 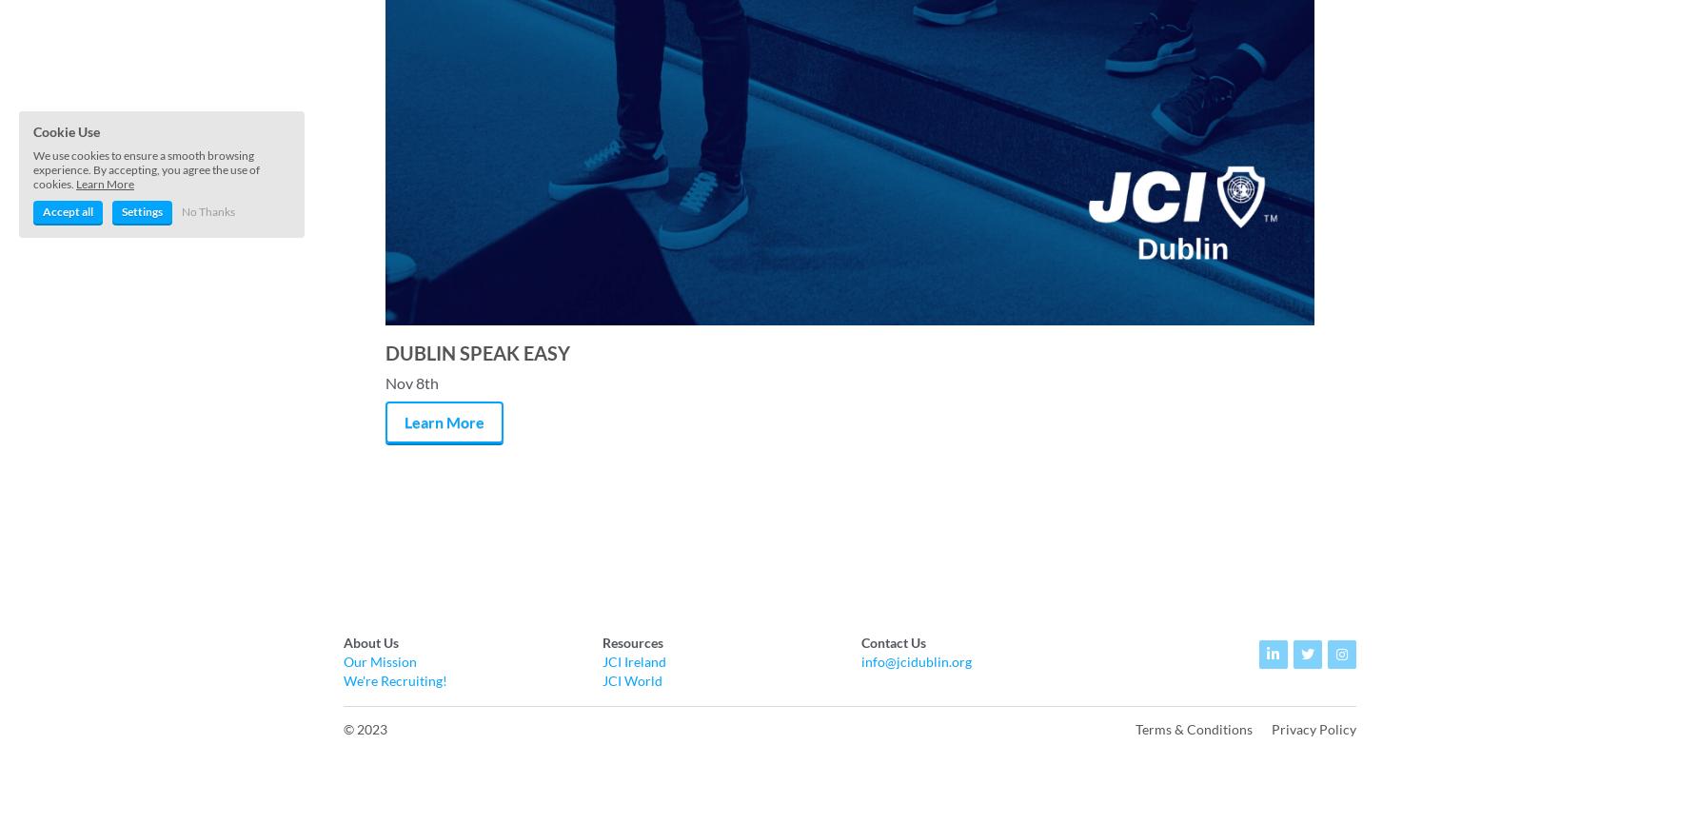 What do you see at coordinates (343, 680) in the screenshot?
I see `'We're Recruiting!'` at bounding box center [343, 680].